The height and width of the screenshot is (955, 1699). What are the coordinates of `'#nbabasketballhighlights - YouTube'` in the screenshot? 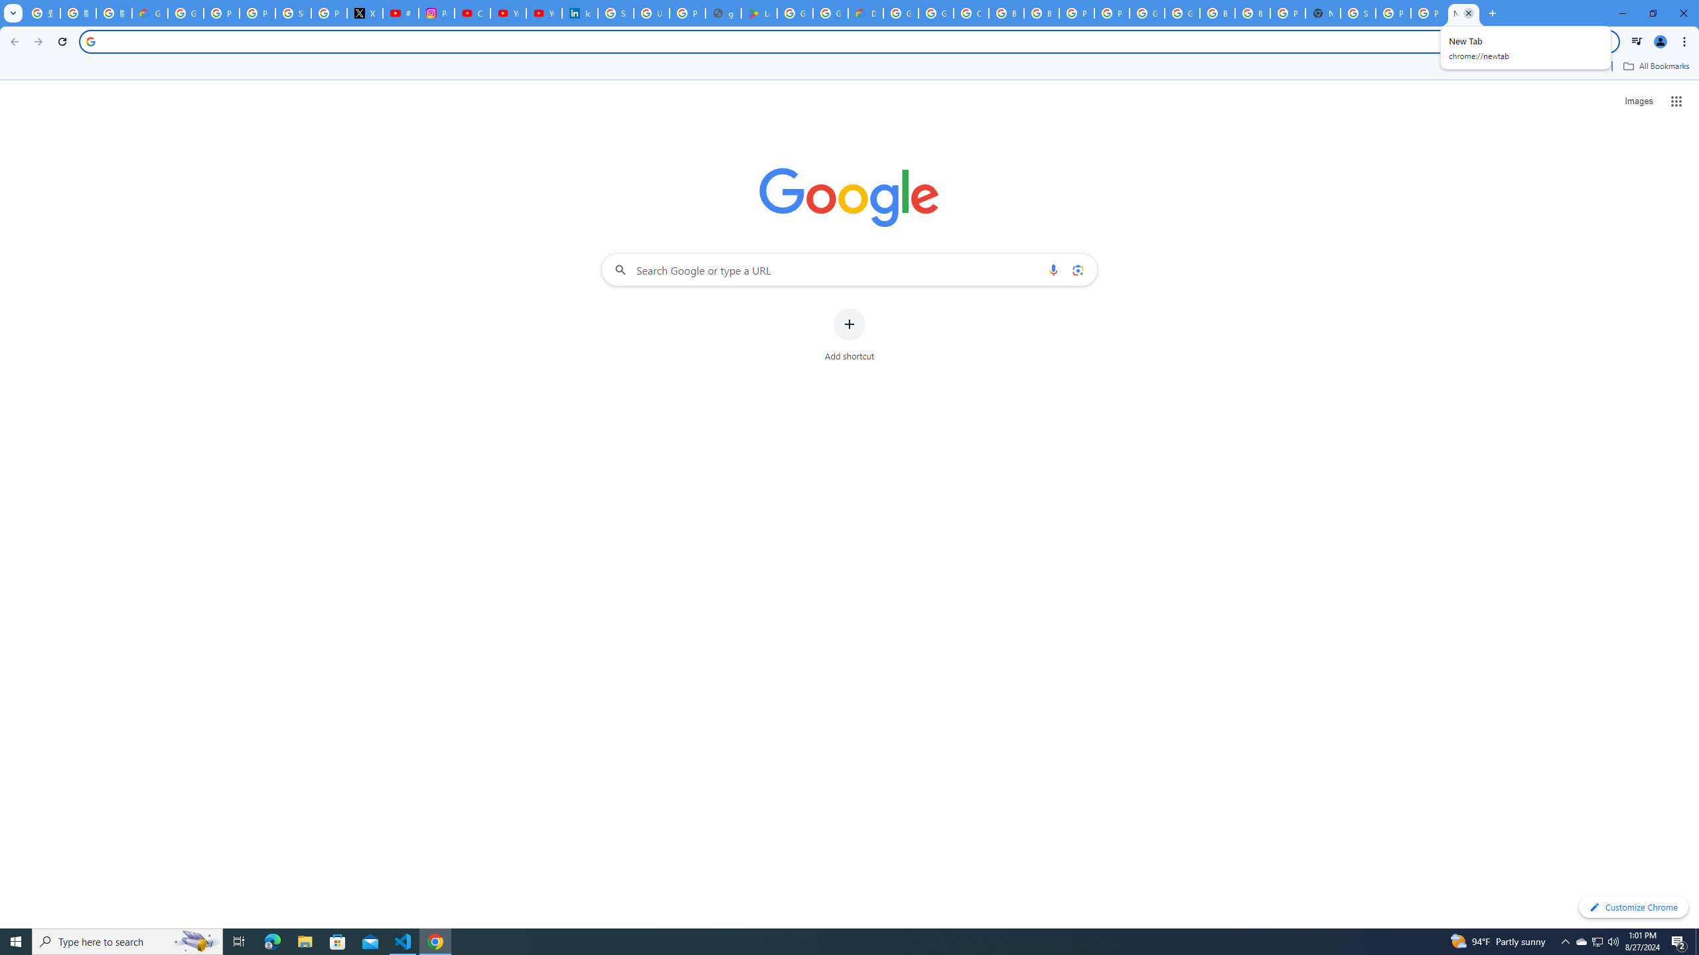 It's located at (400, 13).